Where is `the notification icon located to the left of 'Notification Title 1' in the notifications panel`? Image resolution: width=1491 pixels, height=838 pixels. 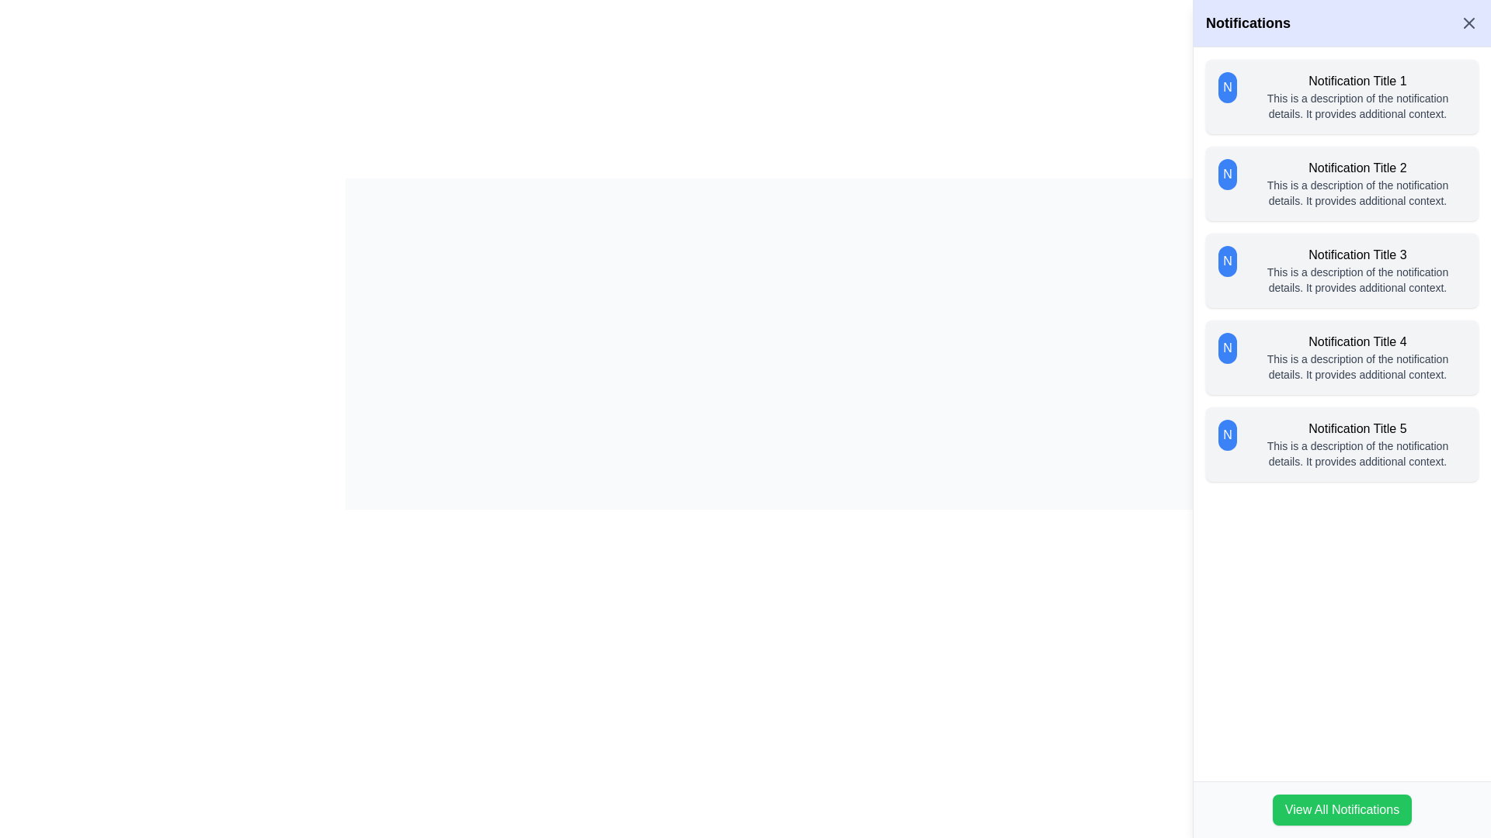
the notification icon located to the left of 'Notification Title 1' in the notifications panel is located at coordinates (1226, 87).